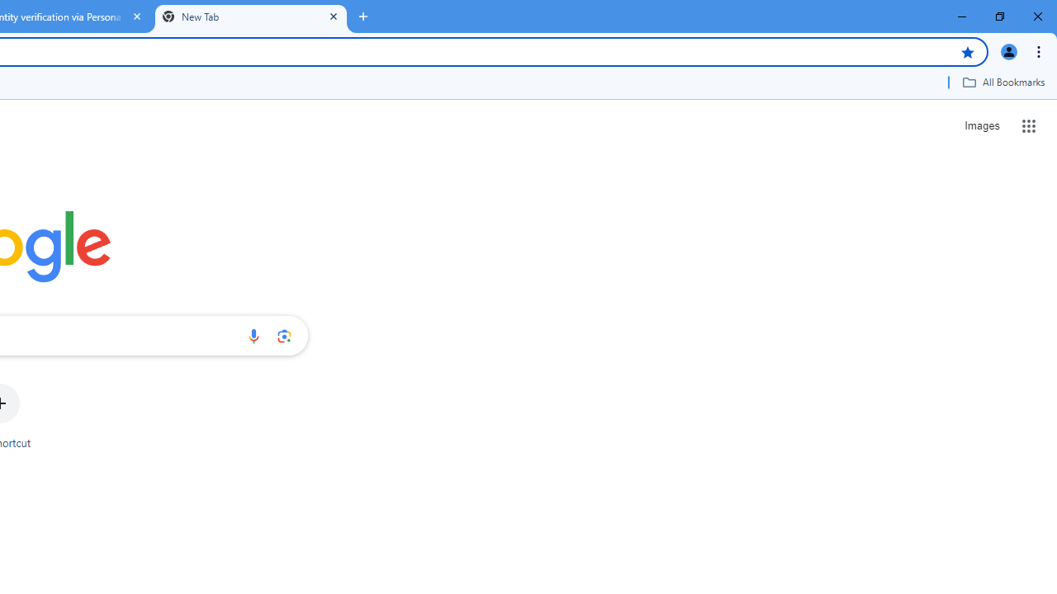 Image resolution: width=1057 pixels, height=594 pixels. I want to click on 'Minimize', so click(962, 16).